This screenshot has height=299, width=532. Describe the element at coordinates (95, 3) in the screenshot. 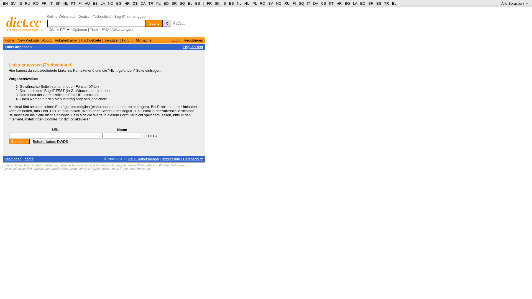

I see `'ES'` at that location.